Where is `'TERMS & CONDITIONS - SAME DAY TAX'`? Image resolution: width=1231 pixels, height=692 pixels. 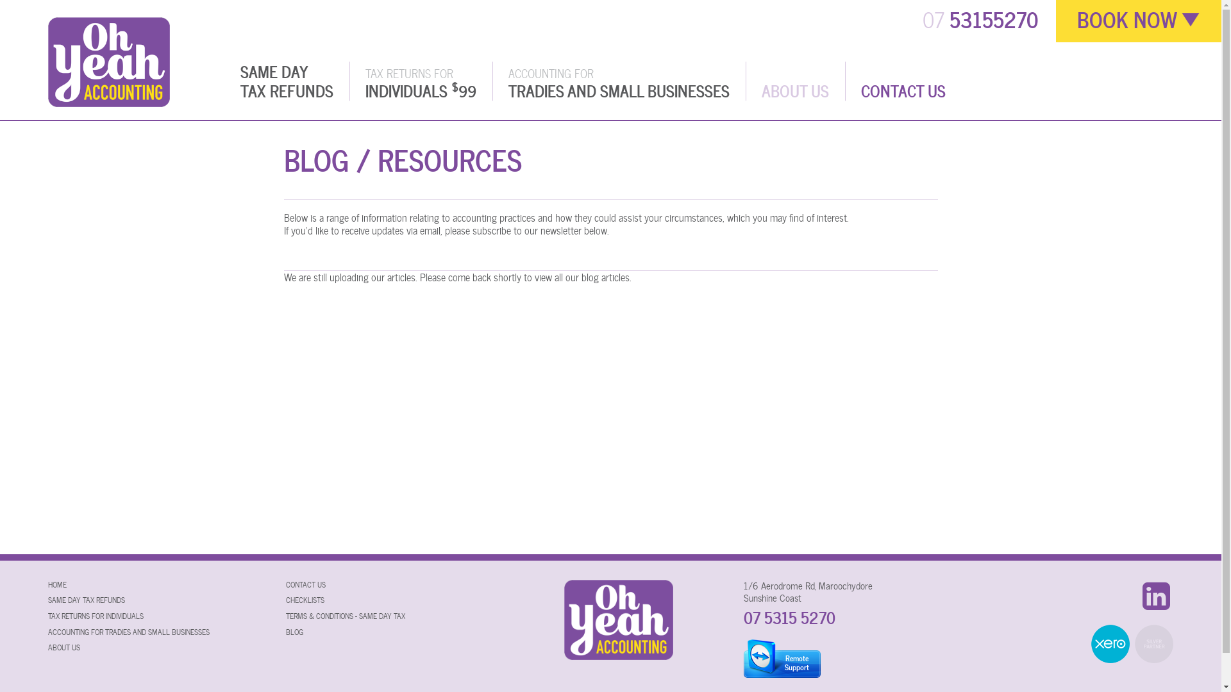 'TERMS & CONDITIONS - SAME DAY TAX' is located at coordinates (345, 614).